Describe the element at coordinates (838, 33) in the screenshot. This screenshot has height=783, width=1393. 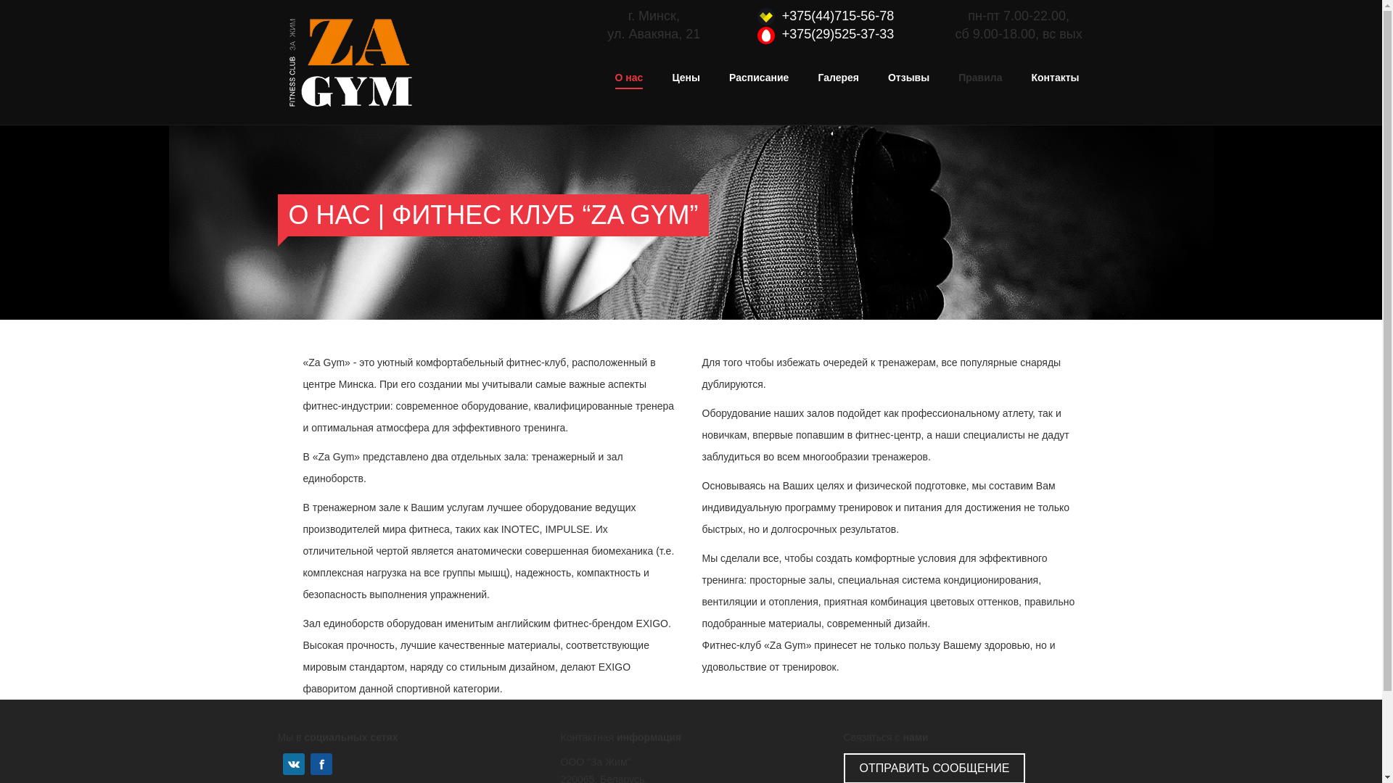
I see `'+375(29)525-37-33'` at that location.